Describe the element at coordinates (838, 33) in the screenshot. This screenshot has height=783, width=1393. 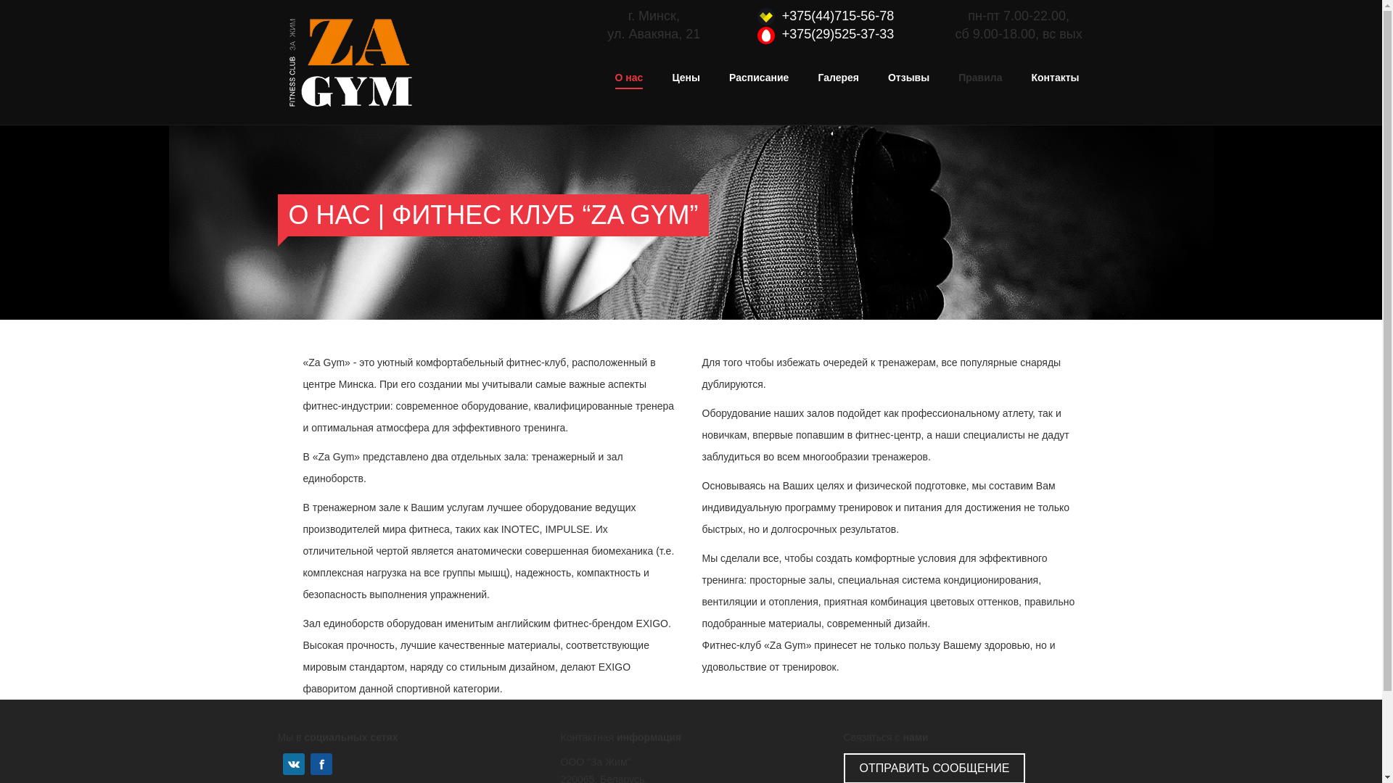
I see `'+375(29)525-37-33'` at that location.